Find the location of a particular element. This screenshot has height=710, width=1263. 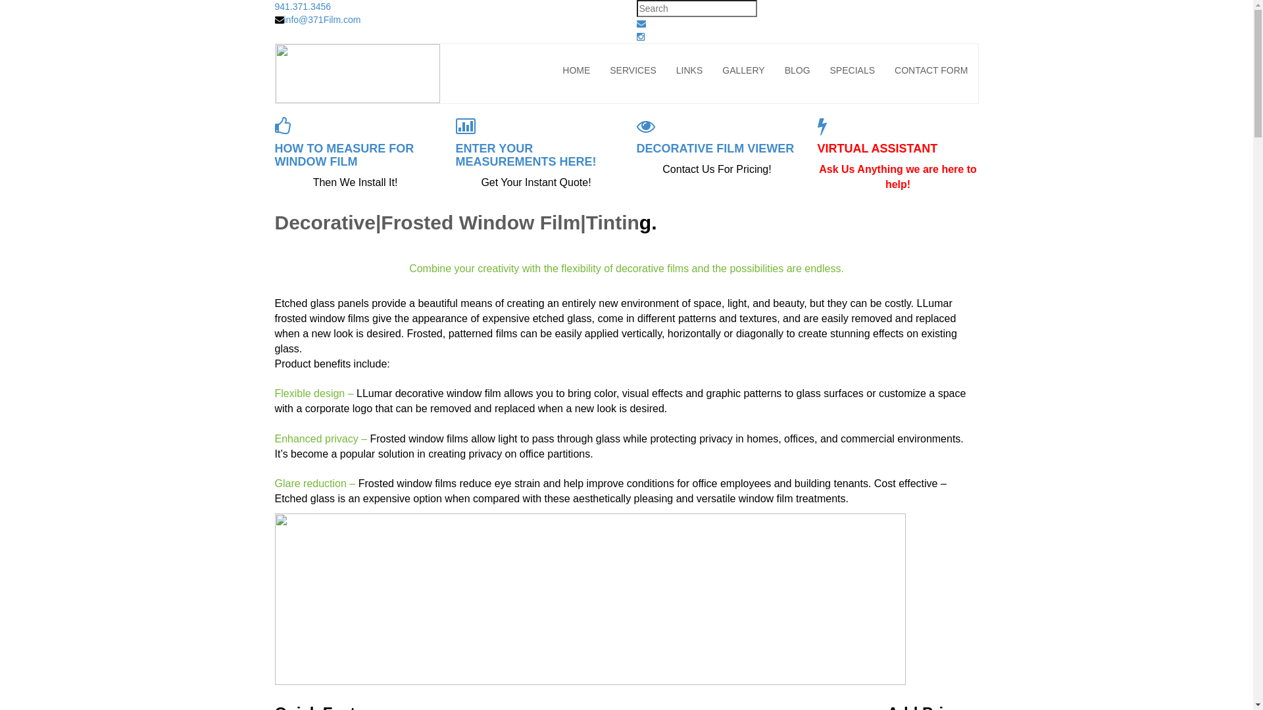

'GALLERY' is located at coordinates (743, 70).